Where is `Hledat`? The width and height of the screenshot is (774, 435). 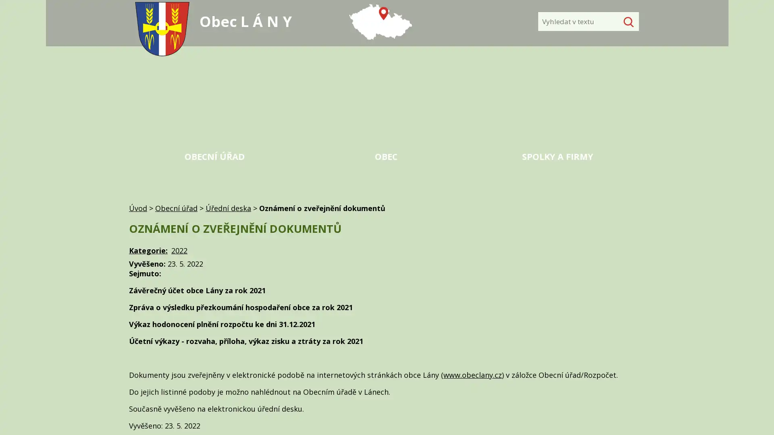
Hledat is located at coordinates (626, 21).